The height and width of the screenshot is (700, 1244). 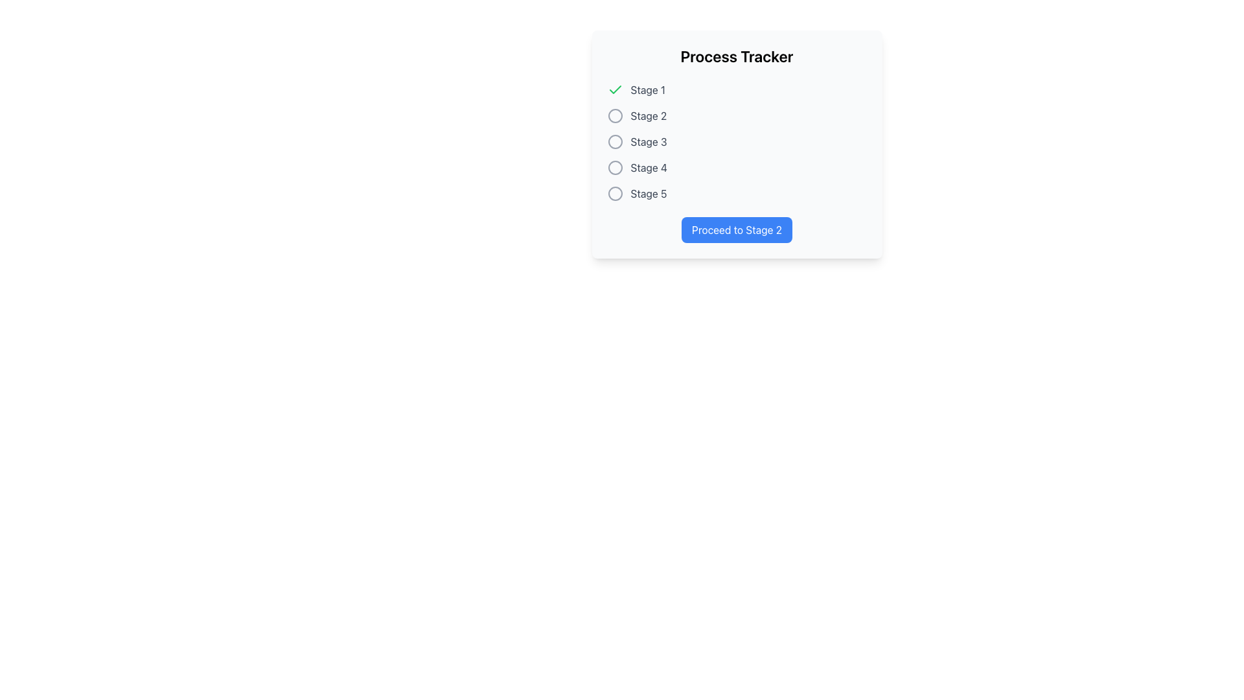 What do you see at coordinates (614, 194) in the screenshot?
I see `the inactive radio button to the left of the text 'Stage 5'` at bounding box center [614, 194].